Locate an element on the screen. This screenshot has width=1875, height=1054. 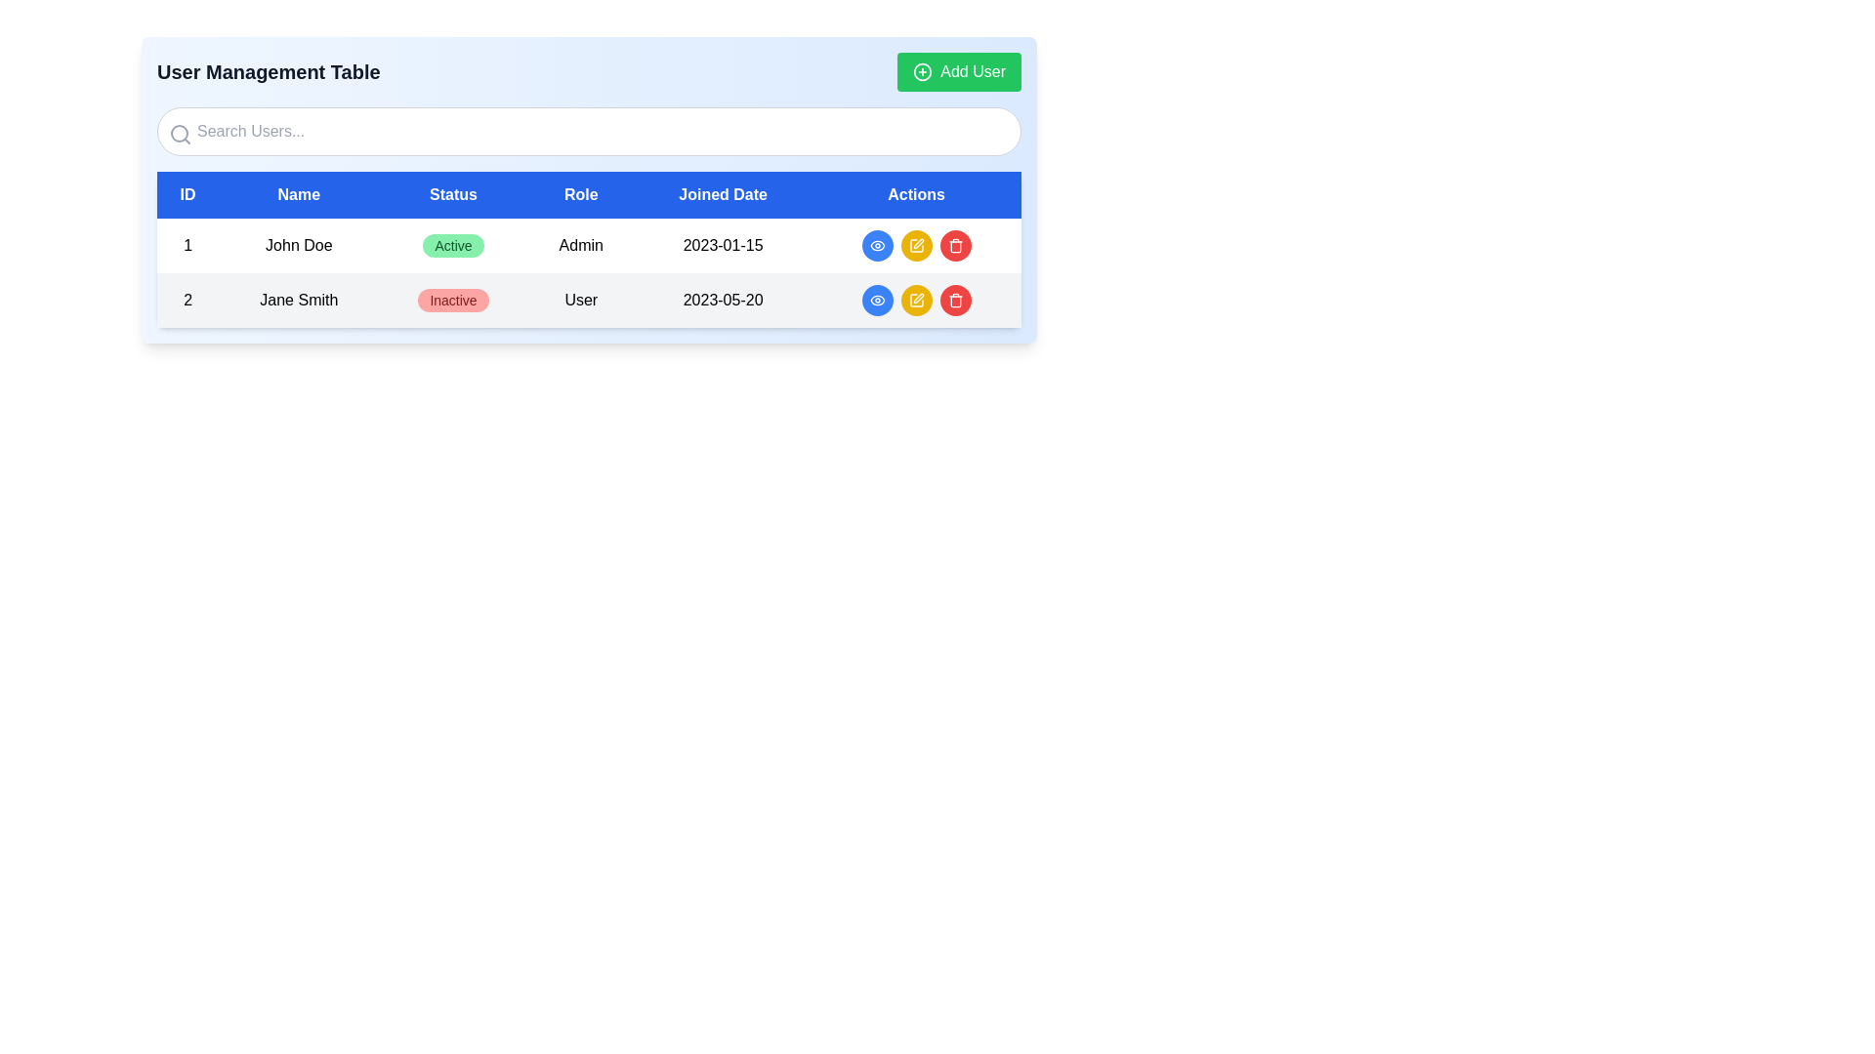
the 'User' text label in the fourth column of the second row of the table is located at coordinates (580, 301).